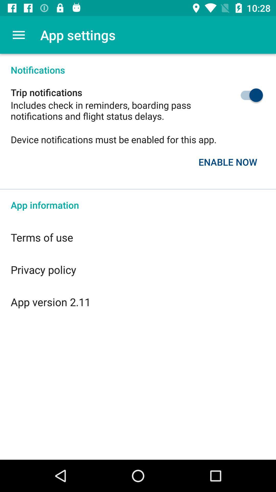 The height and width of the screenshot is (492, 276). I want to click on the item above privacy policy icon, so click(138, 237).